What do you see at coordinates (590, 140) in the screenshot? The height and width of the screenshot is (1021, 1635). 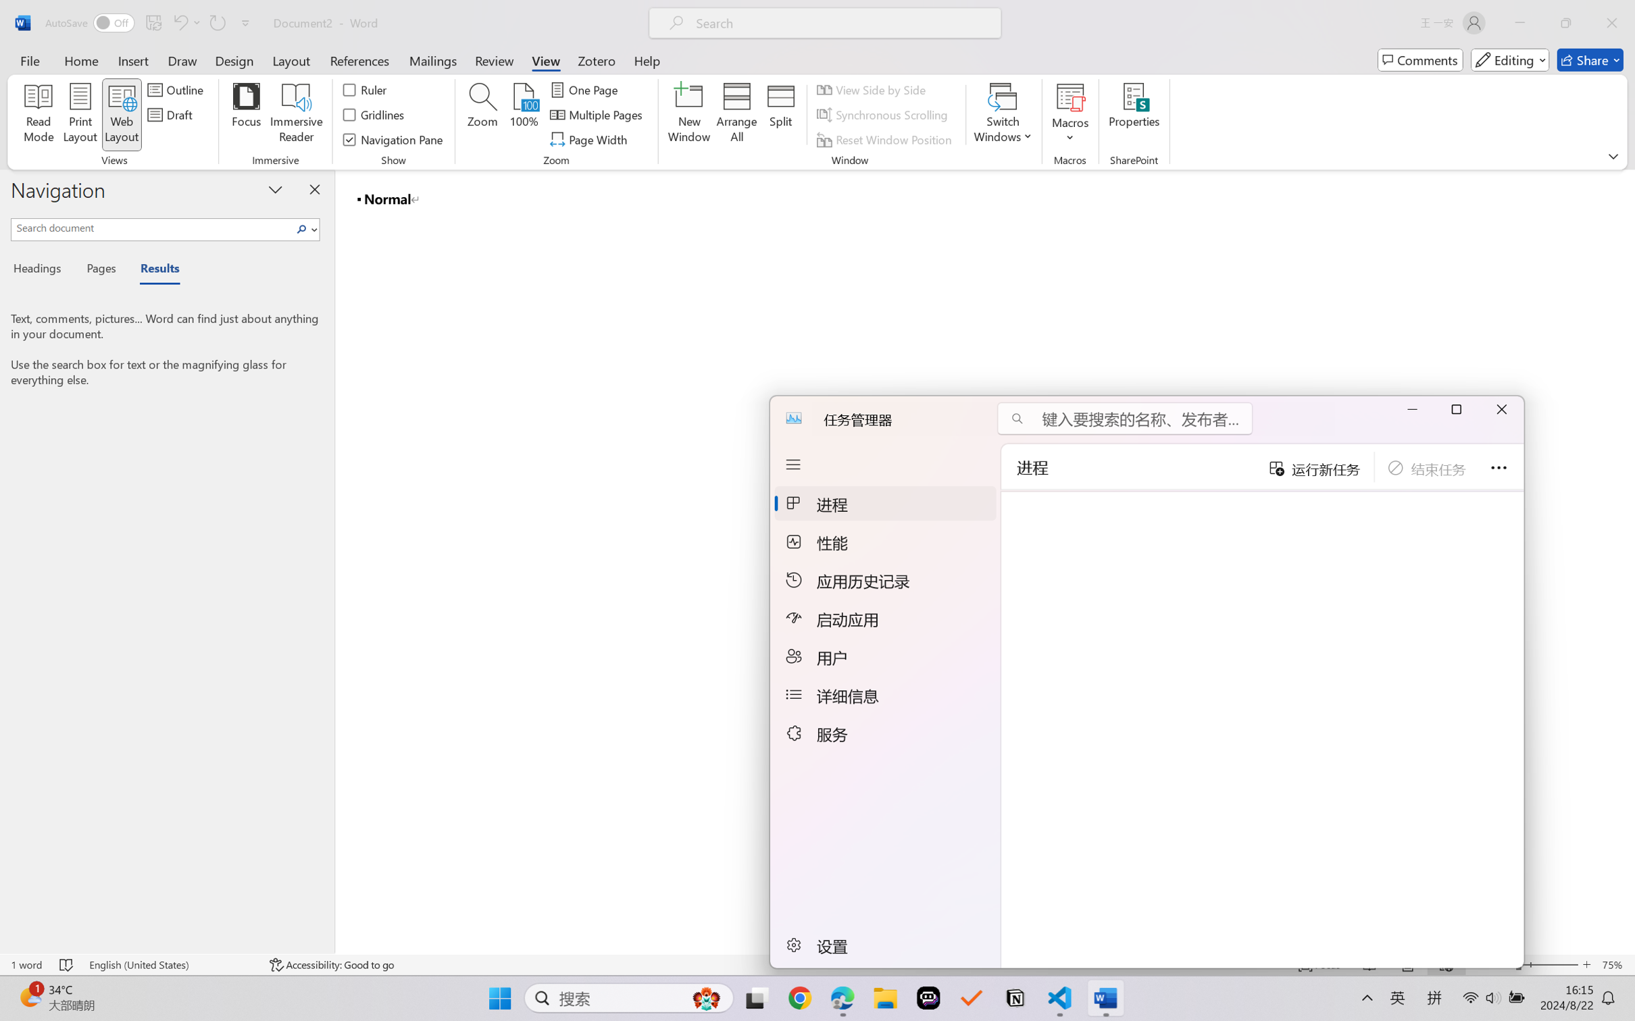 I see `'Page Width'` at bounding box center [590, 140].